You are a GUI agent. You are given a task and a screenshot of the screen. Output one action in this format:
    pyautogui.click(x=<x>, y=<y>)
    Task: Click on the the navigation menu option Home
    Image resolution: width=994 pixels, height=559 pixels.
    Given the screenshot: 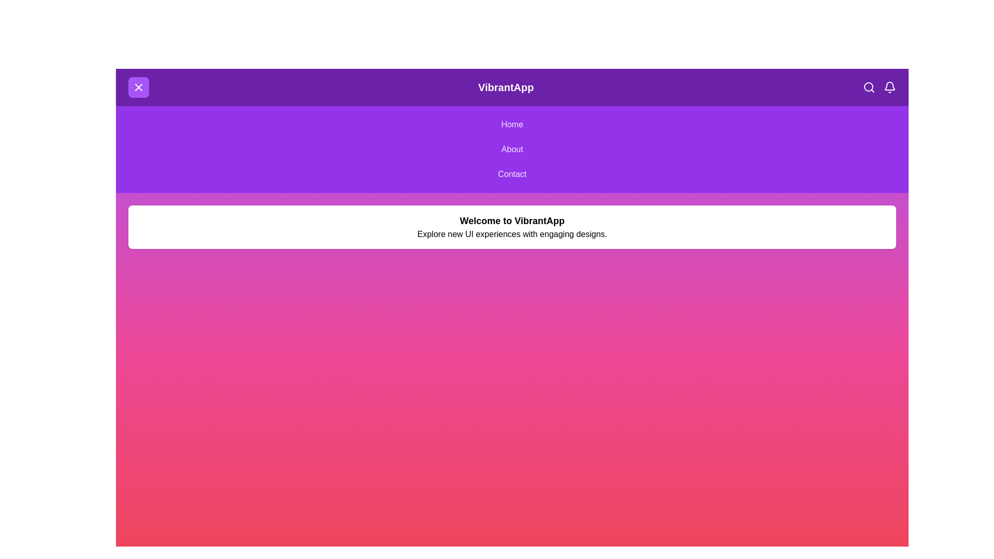 What is the action you would take?
    pyautogui.click(x=512, y=124)
    